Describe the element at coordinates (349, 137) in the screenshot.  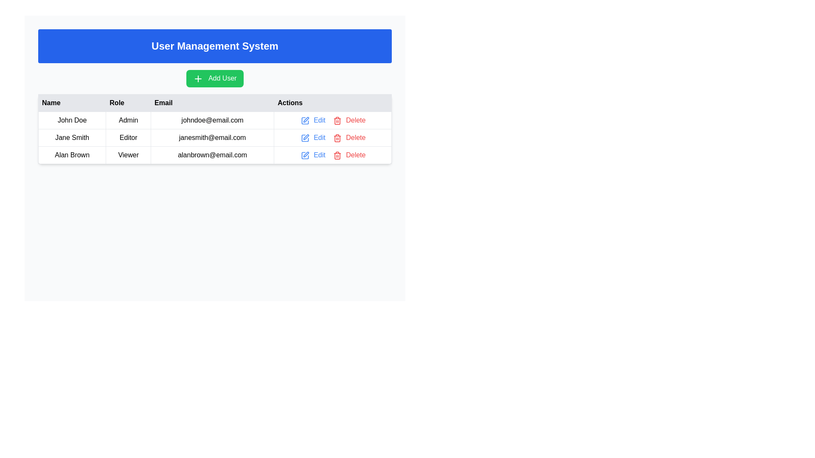
I see `the 'Delete' button with a trash can icon, located in the Actions column for the user with the email 'janesmith@email.com'` at that location.